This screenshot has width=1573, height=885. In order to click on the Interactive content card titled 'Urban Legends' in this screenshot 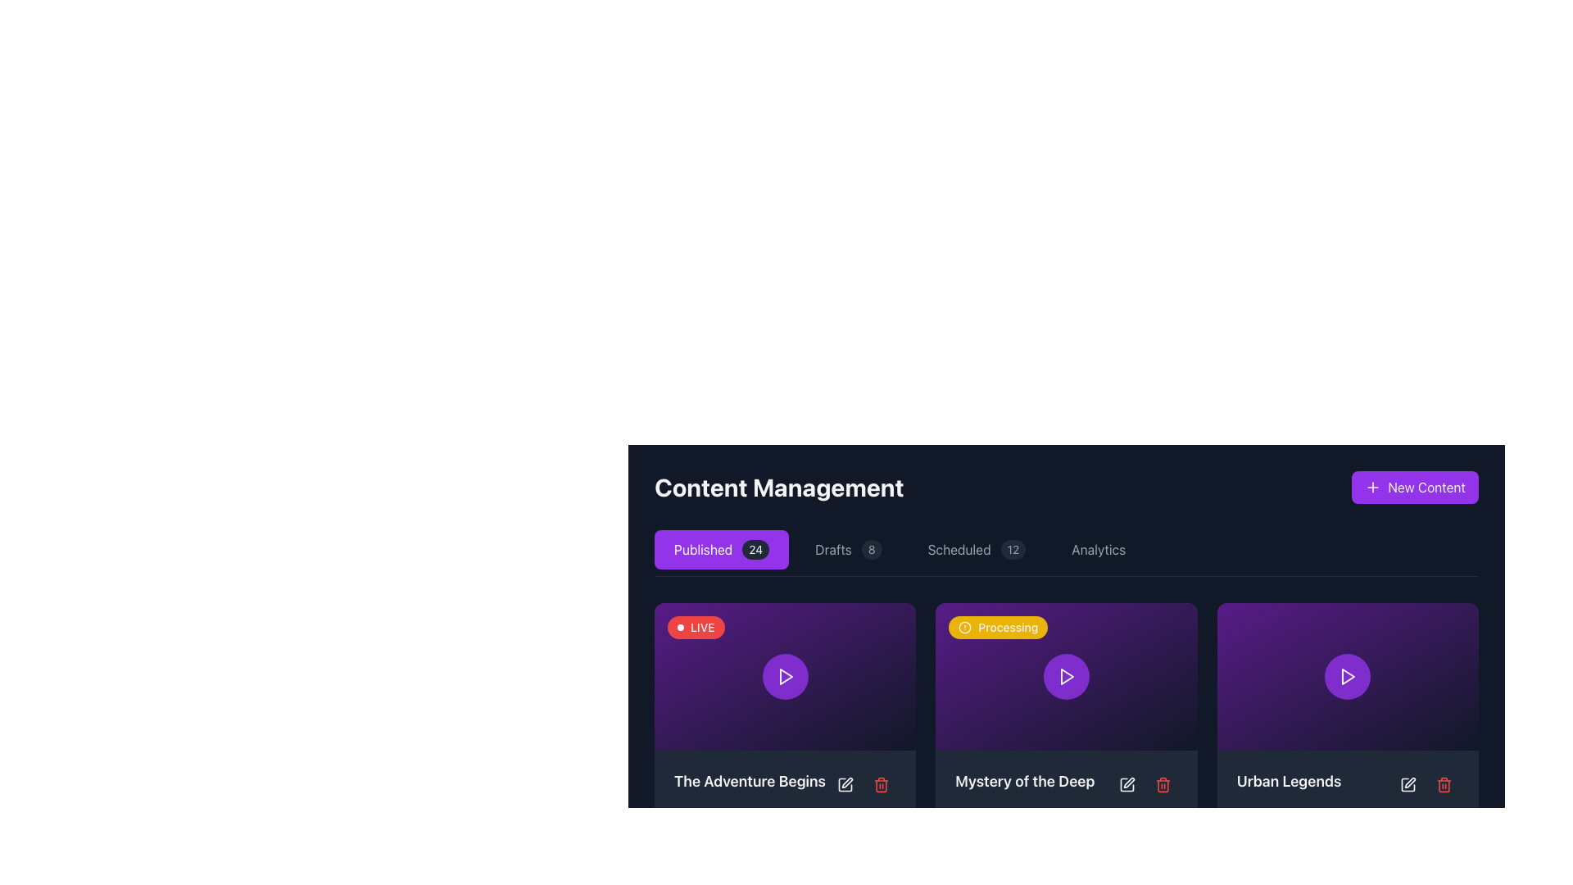, I will do `click(1348, 676)`.